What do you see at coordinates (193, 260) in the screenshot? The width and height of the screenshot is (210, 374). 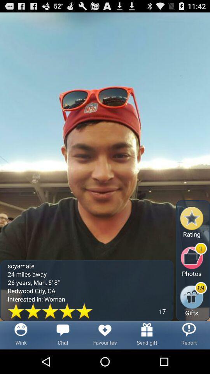 I see `item above the gifts item` at bounding box center [193, 260].